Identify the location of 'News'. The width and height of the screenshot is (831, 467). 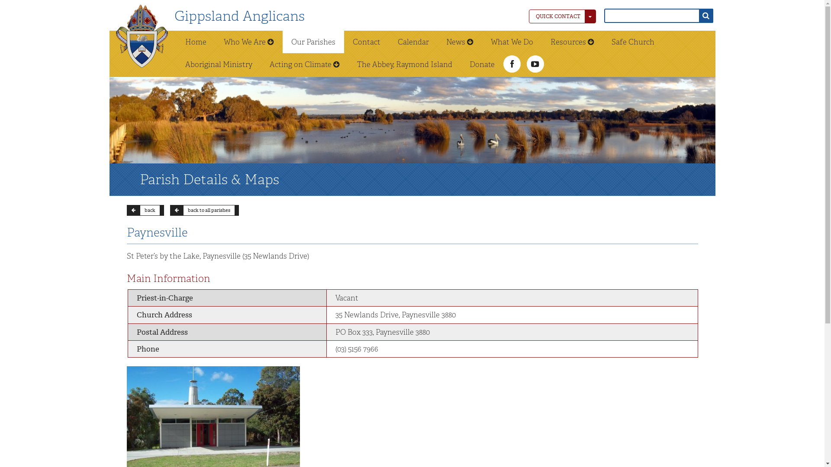
(437, 42).